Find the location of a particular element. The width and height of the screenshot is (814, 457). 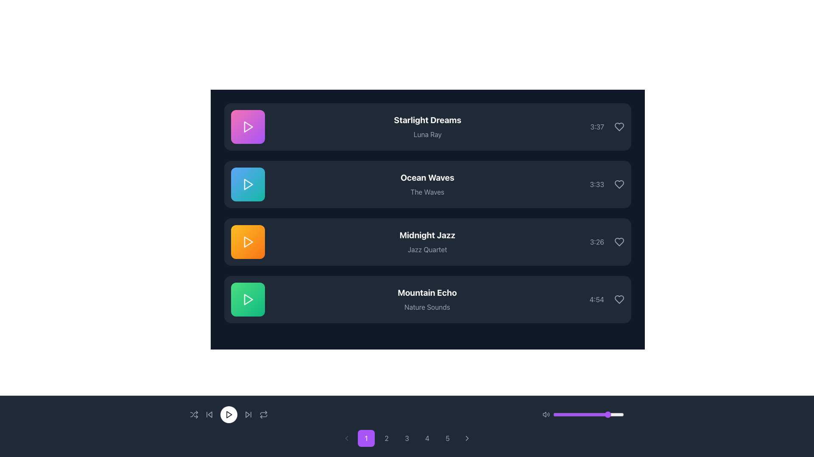

the 'Skip Forward' icon button, which is represented by two right-pointing triangles followed by a vertical line, located in the bottom control section of the media player interface is located at coordinates (248, 414).